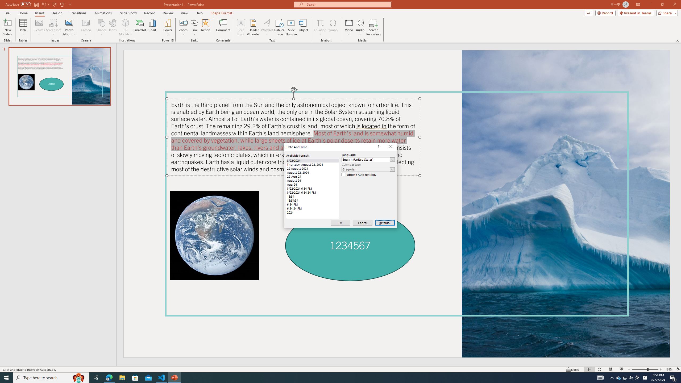  Describe the element at coordinates (113, 27) in the screenshot. I see `'Icons'` at that location.